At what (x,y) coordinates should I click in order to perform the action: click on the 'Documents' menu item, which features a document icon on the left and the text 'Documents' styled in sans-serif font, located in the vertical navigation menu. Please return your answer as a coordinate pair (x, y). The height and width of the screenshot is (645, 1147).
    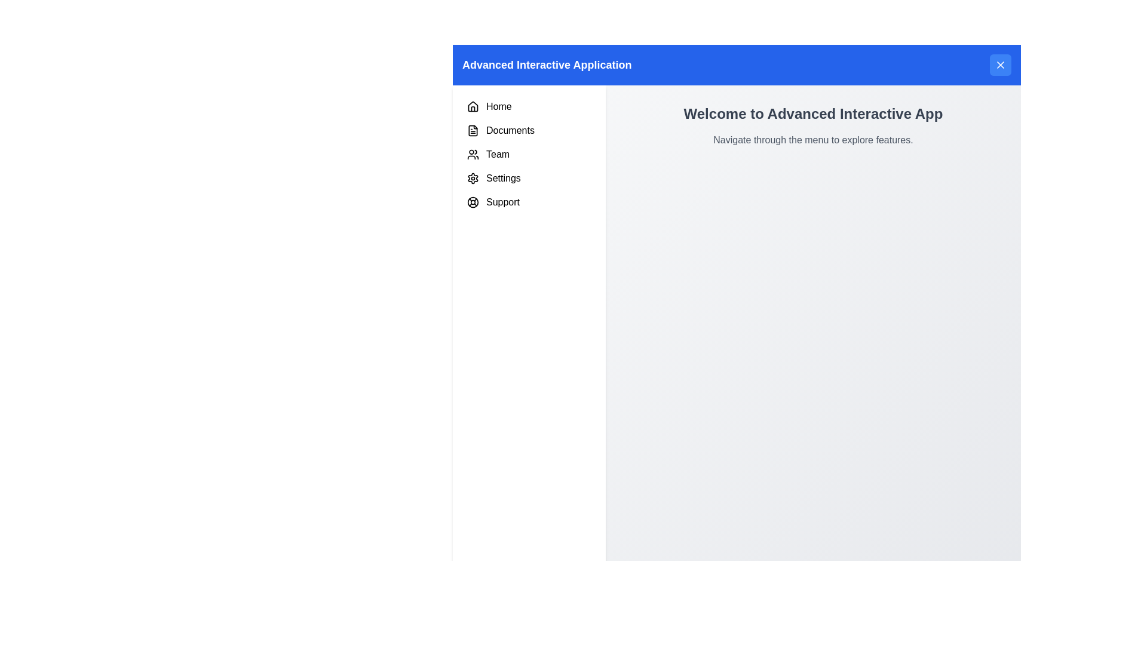
    Looking at the image, I should click on (529, 131).